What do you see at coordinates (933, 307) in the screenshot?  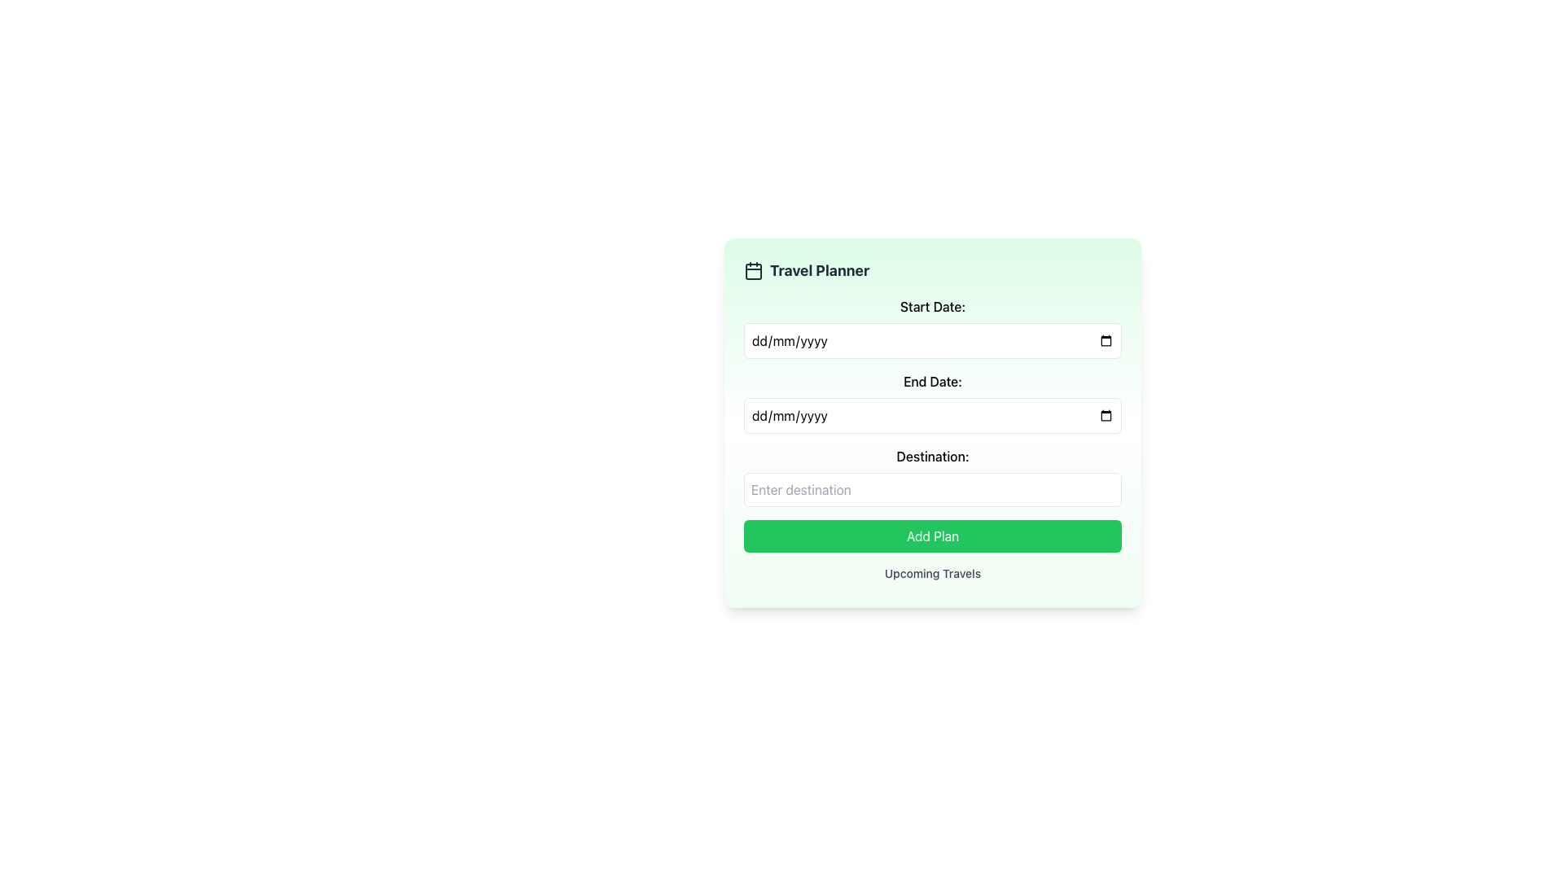 I see `label located at the top of the form in the travel planner interface, which indicates the start date for the adjacent date input field` at bounding box center [933, 307].